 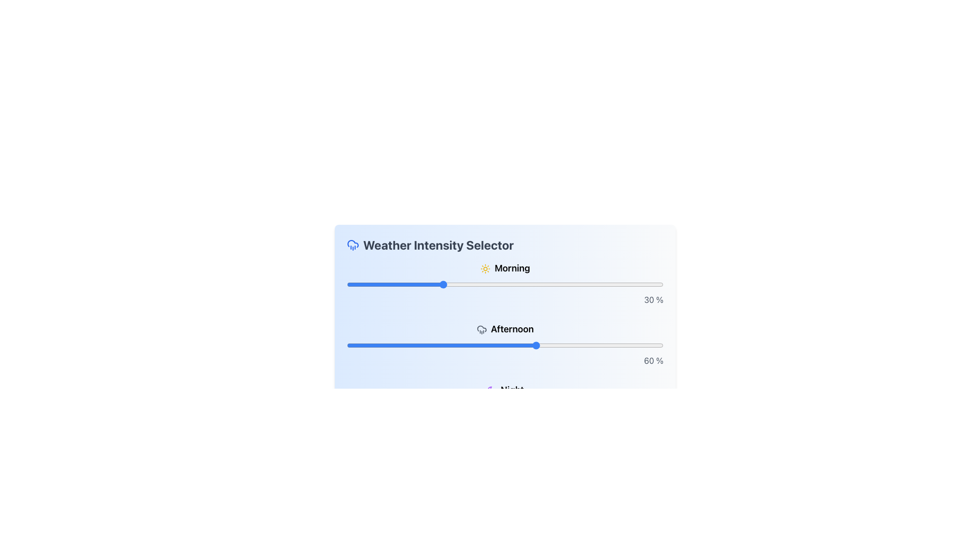 I want to click on the small purple crescent moon icon located to the left of the text 'Night' in the bottom section of the interface, so click(x=492, y=390).